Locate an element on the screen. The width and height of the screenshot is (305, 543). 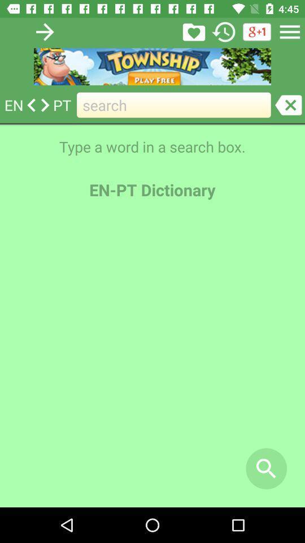
the icon at the bottom right corner is located at coordinates (266, 468).